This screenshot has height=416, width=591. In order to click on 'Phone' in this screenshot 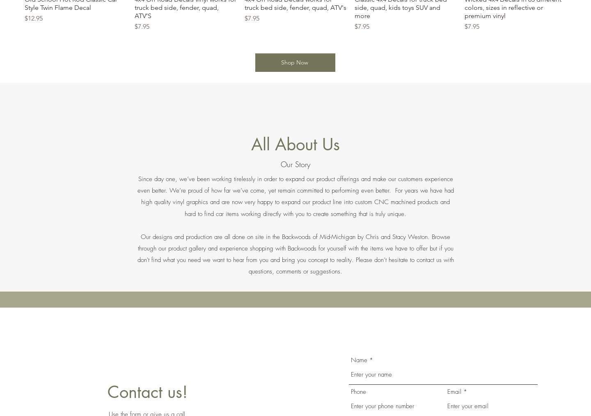, I will do `click(358, 392)`.